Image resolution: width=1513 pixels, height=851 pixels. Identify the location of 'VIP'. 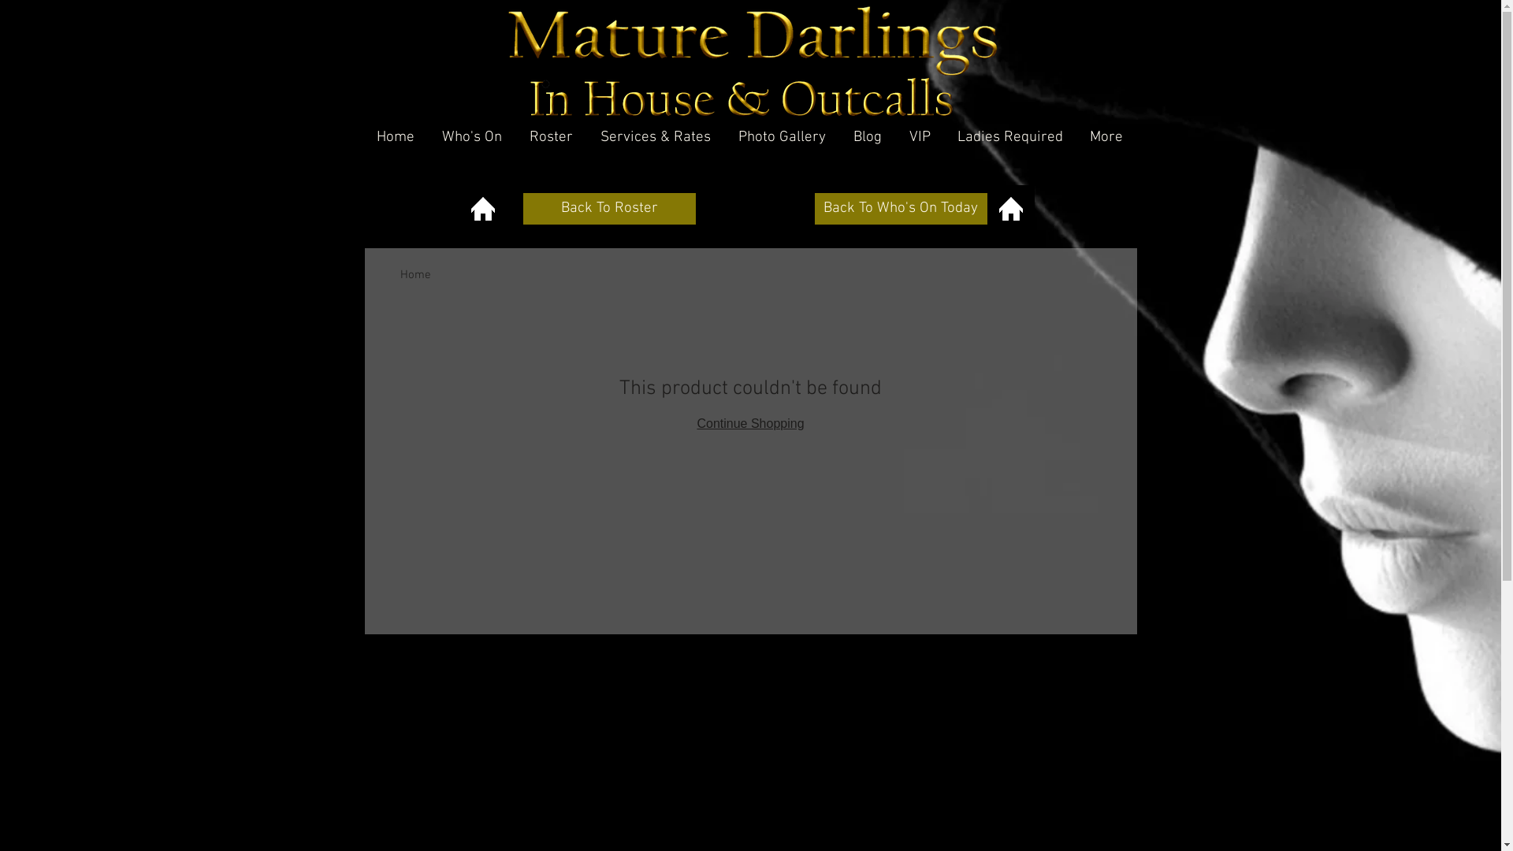
(896, 136).